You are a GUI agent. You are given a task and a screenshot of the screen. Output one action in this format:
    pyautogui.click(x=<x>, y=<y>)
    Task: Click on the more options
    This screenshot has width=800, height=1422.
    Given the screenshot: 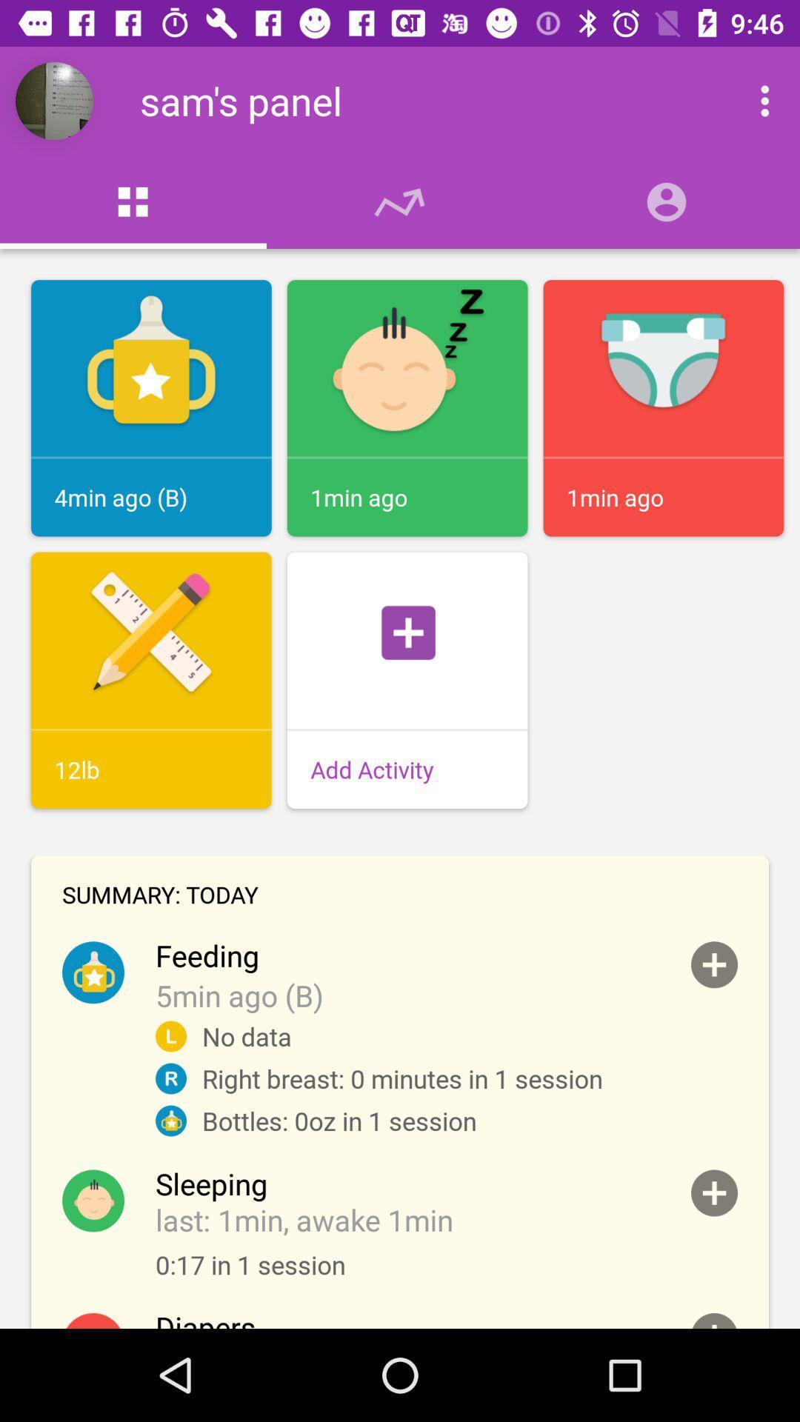 What is the action you would take?
    pyautogui.click(x=749, y=100)
    